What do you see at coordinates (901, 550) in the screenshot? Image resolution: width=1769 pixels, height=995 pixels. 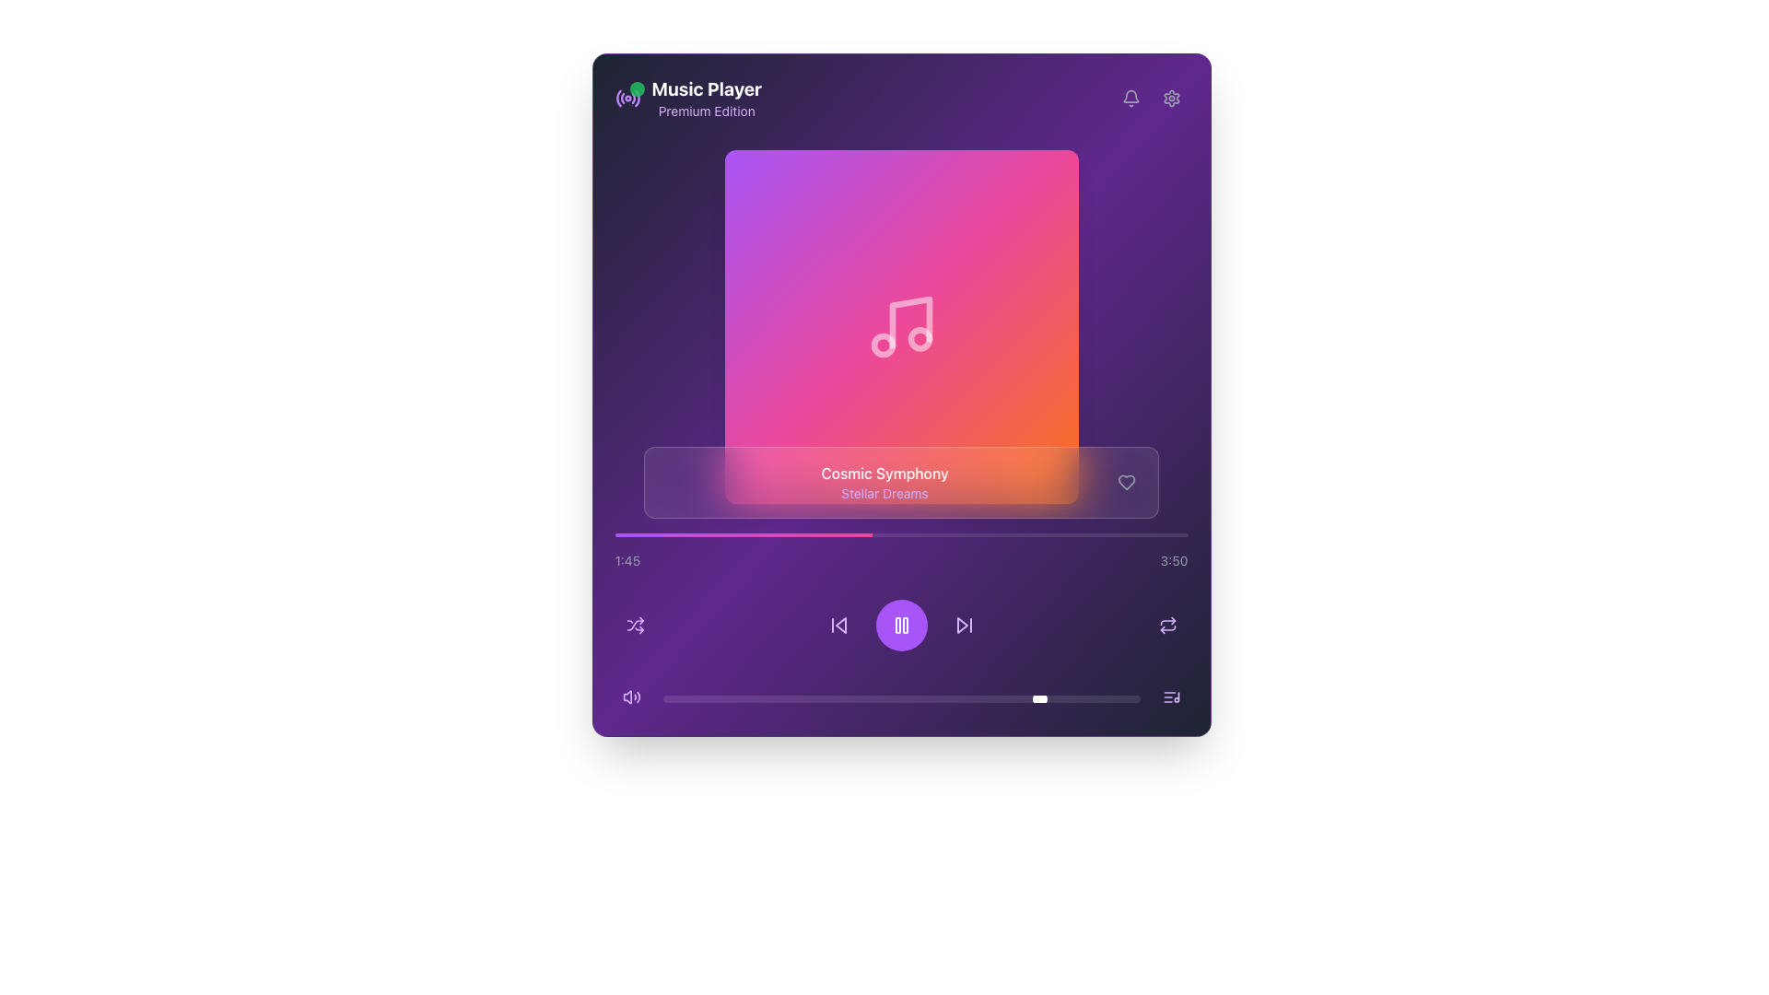 I see `the progress bar of the music player, which features a gradient from purple to pink and displays time indicators of '1:45' and '3:50'` at bounding box center [901, 550].